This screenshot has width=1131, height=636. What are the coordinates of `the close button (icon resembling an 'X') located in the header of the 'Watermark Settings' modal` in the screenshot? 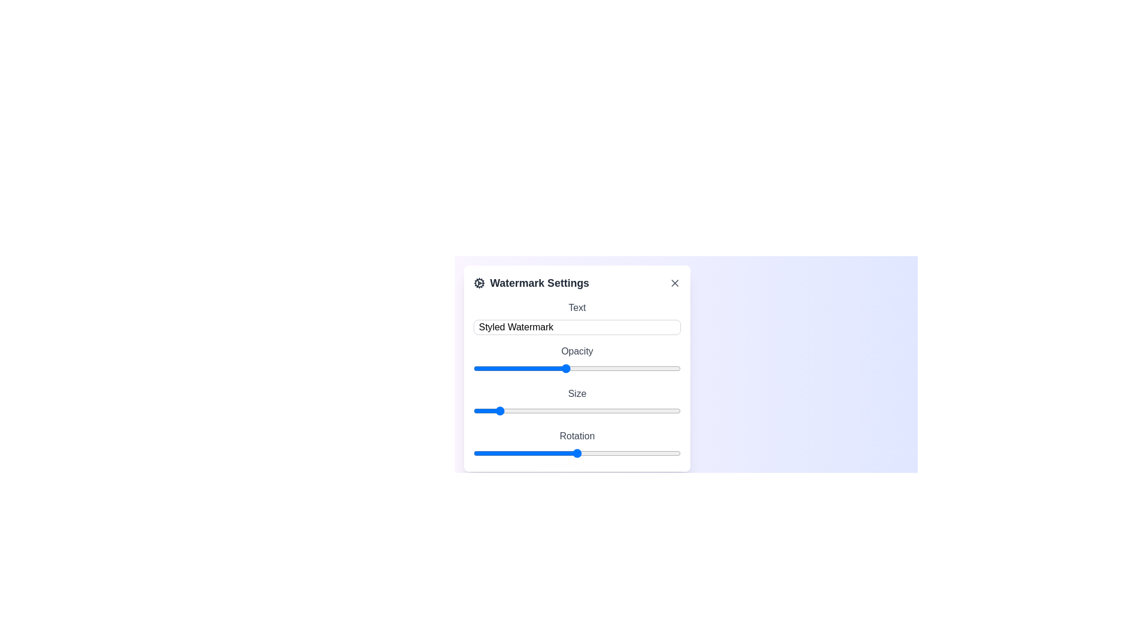 It's located at (675, 283).